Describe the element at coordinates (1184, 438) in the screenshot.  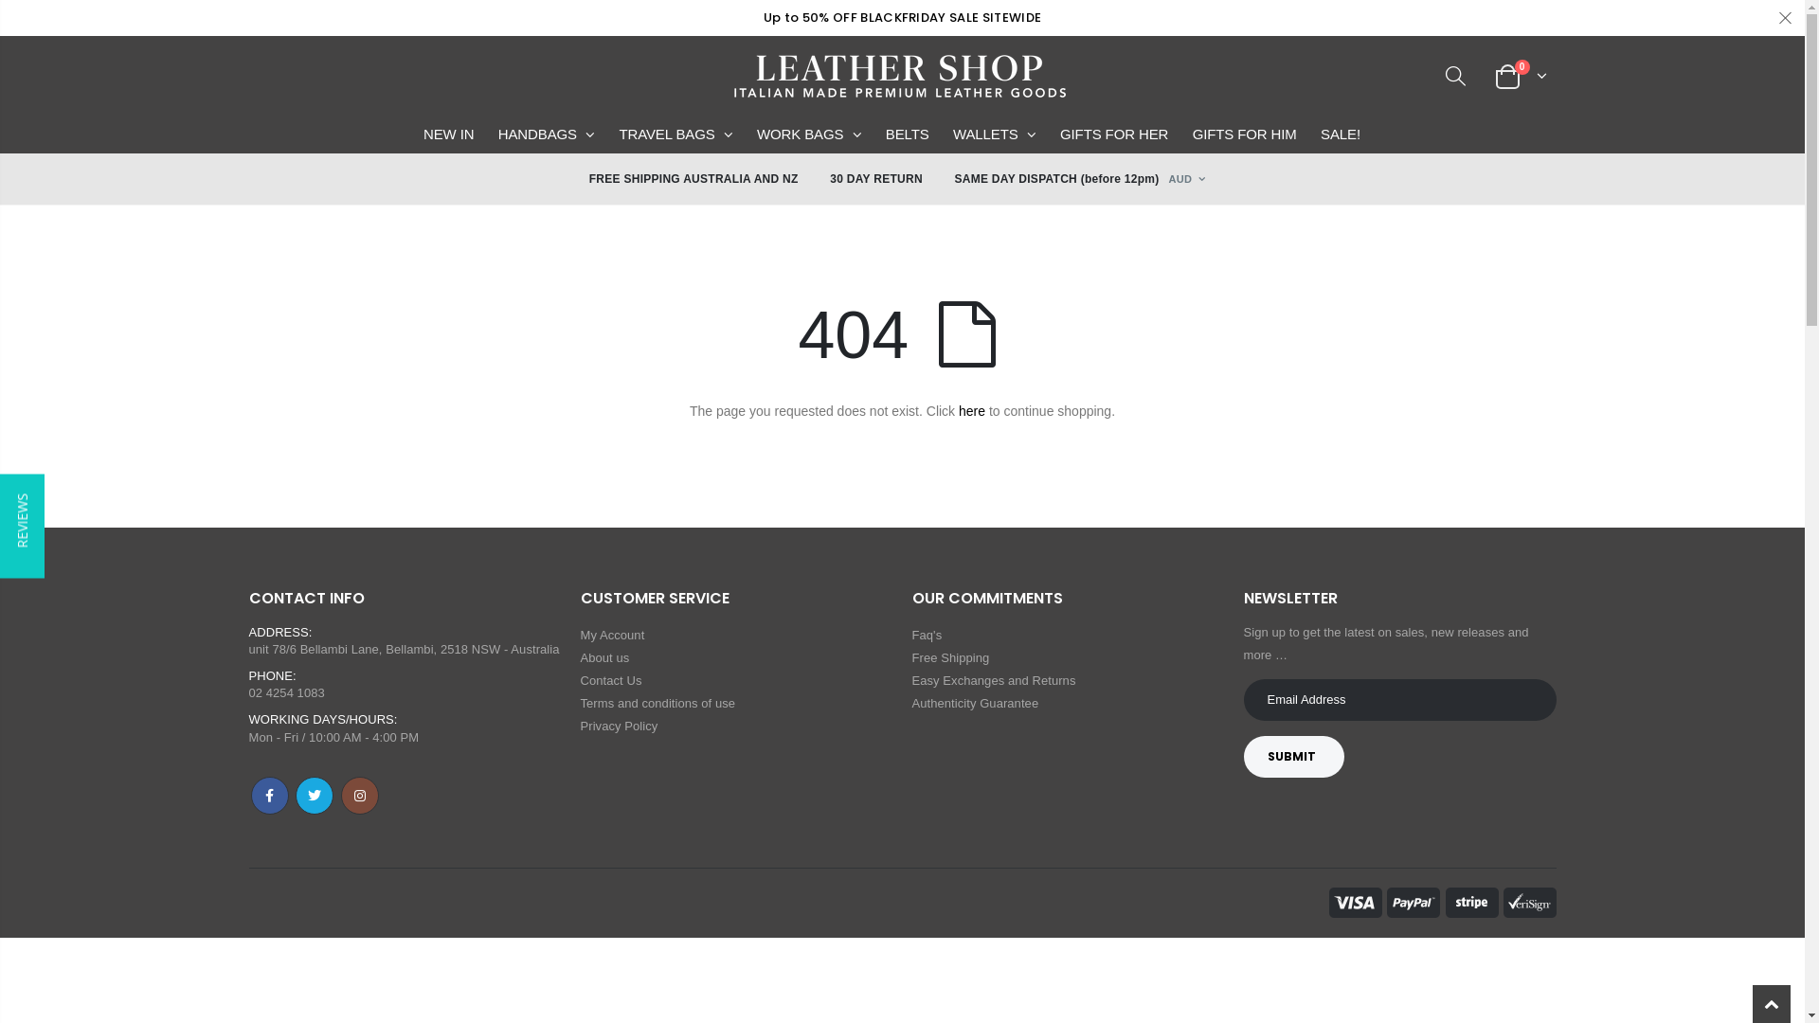
I see `'BAM'` at that location.